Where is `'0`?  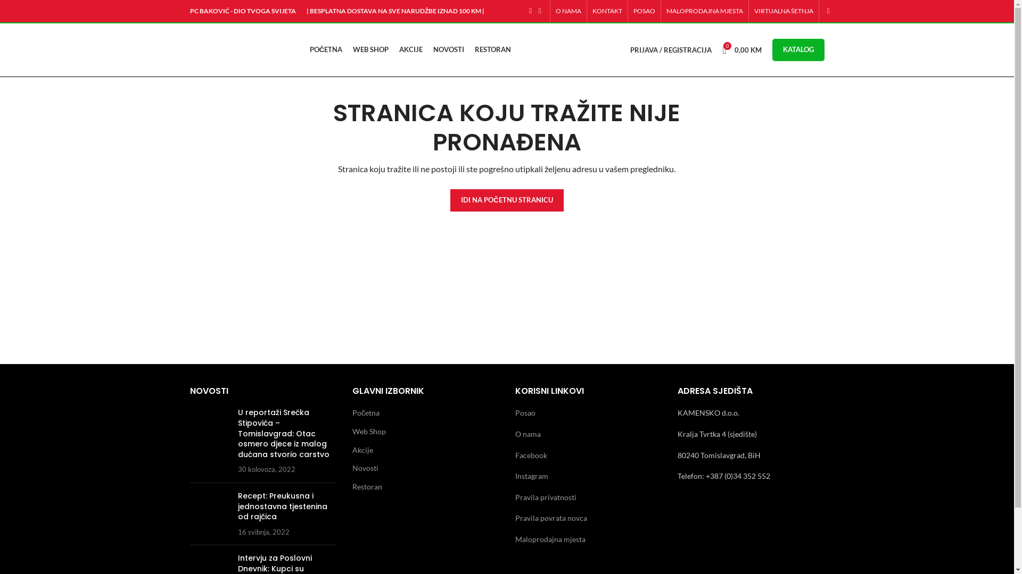 '0 is located at coordinates (741, 49).